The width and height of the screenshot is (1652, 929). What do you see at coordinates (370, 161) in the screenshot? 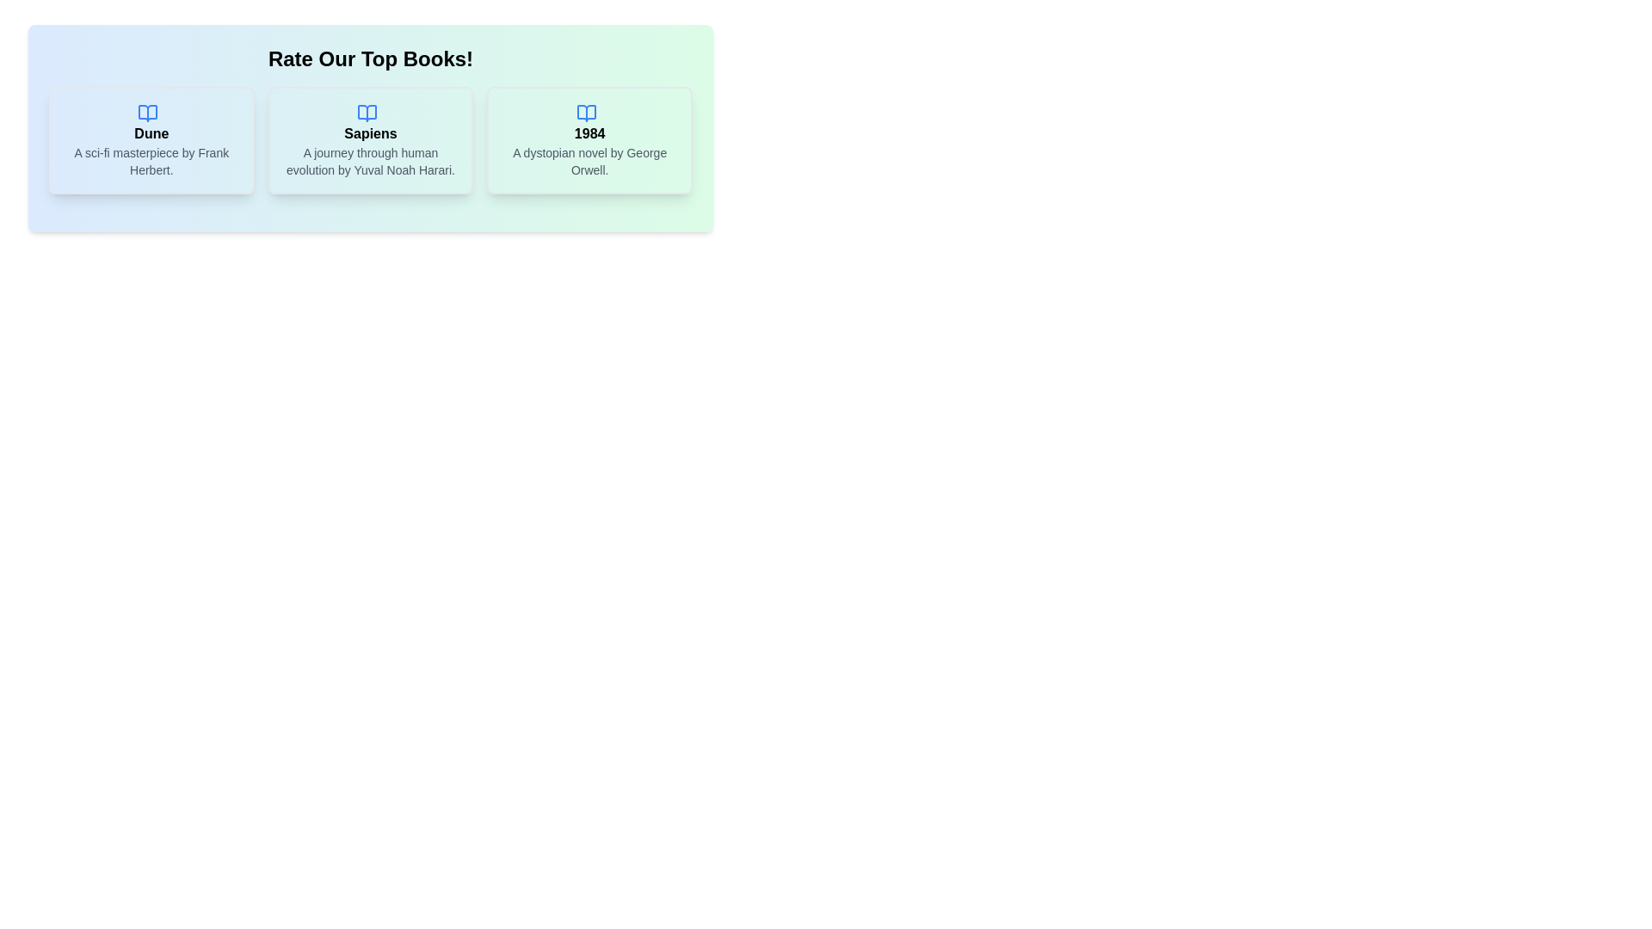
I see `text label that displays 'A journey through human evolution by Yuval Noah Harari.' which is located beneath the title 'Sapiens' in the second card of a horizontal row` at bounding box center [370, 161].